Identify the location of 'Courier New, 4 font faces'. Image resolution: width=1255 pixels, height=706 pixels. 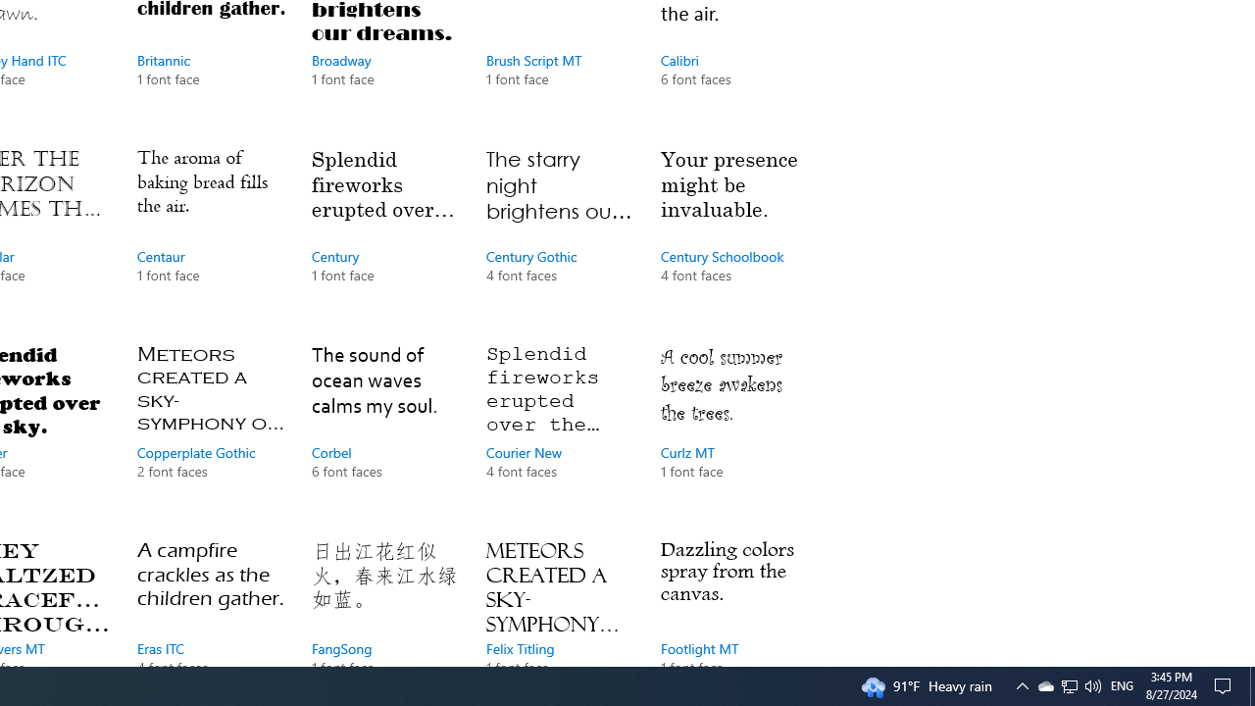
(558, 429).